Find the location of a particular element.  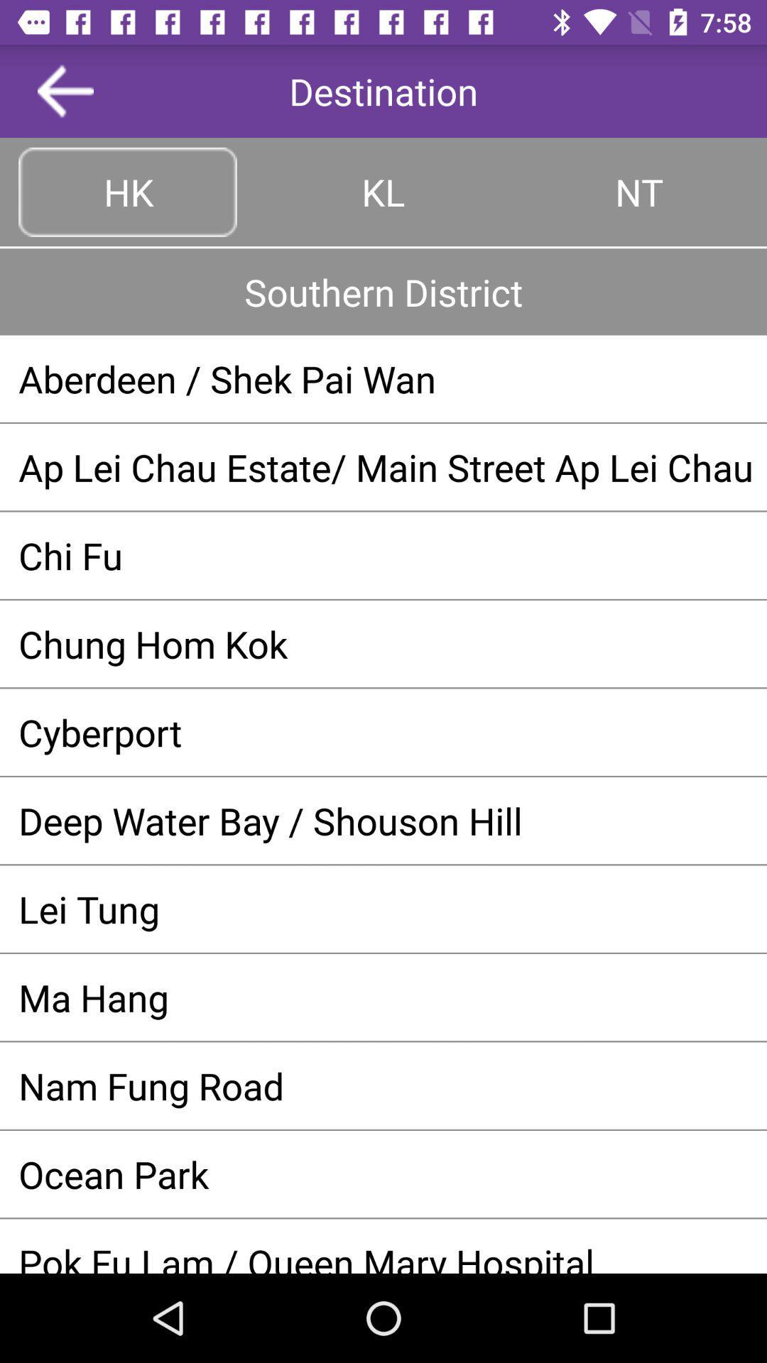

the lei tung item is located at coordinates (383, 909).